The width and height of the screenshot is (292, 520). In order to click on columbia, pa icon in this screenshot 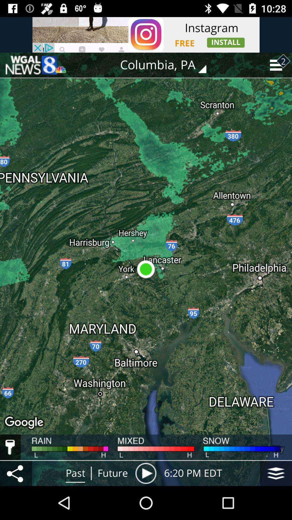, I will do `click(167, 65)`.